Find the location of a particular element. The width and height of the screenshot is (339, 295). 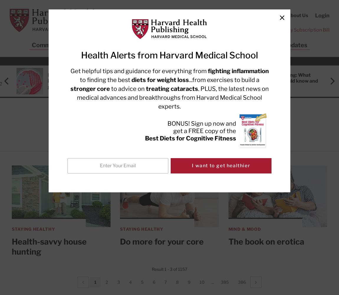

'Login' is located at coordinates (322, 15).